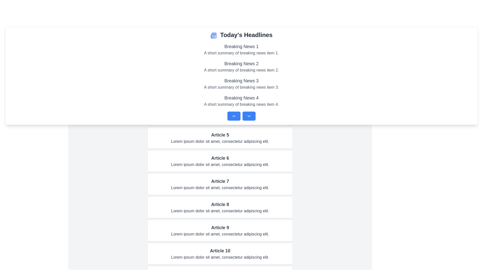  What do you see at coordinates (242, 104) in the screenshot?
I see `text content of the element that displays 'A short summary of breaking news item 4.' located below the title 'Breaking News 4' in the list of breaking news items` at bounding box center [242, 104].